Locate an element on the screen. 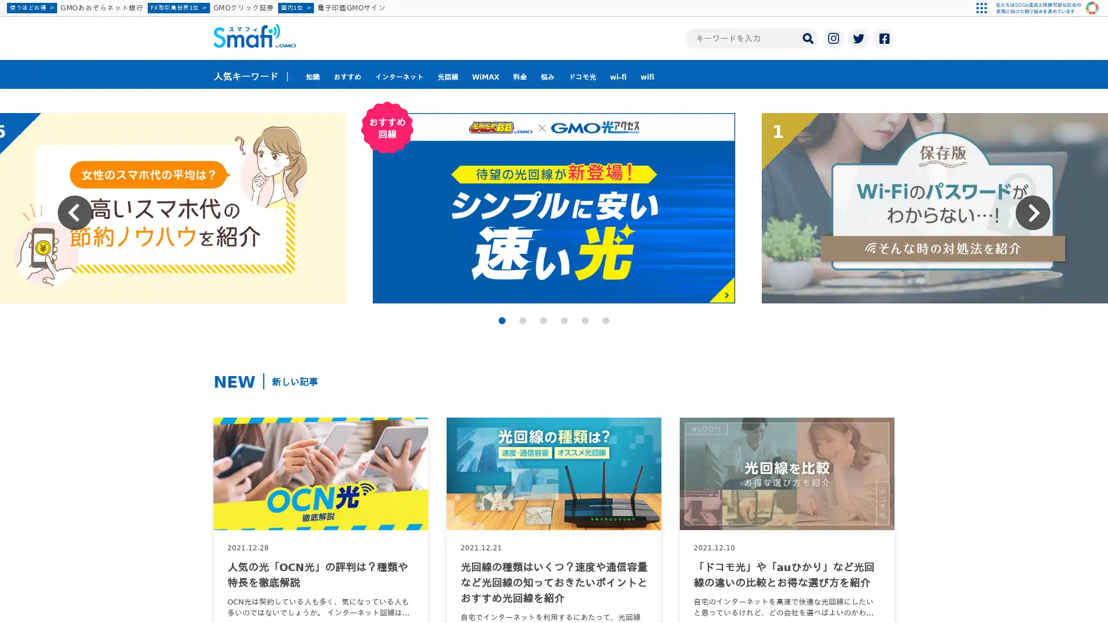  search is located at coordinates (807, 37).